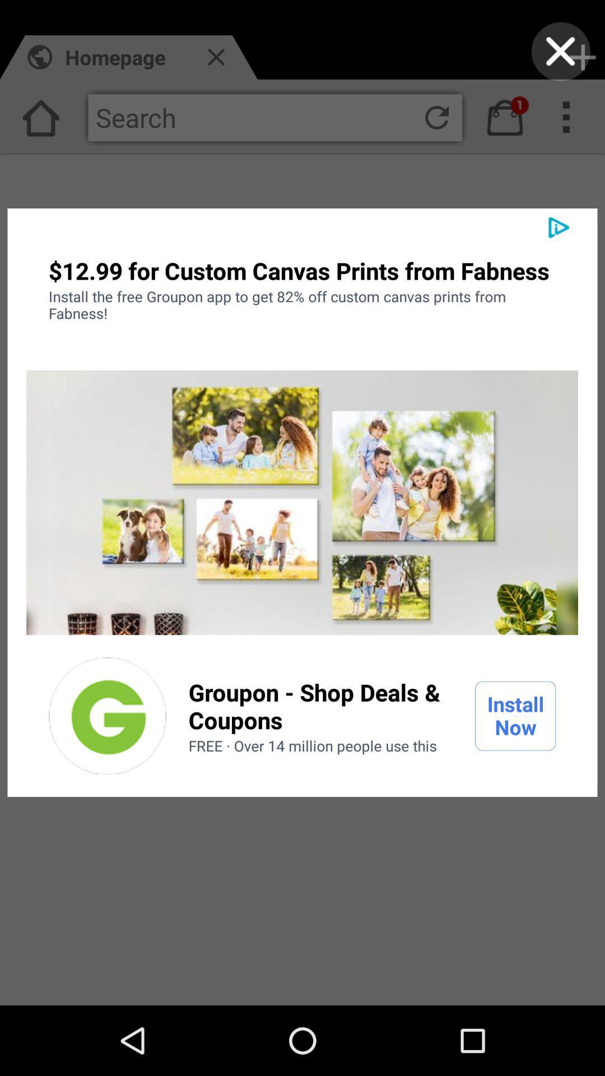 The image size is (605, 1076). I want to click on the item next to the groupon shop deals icon, so click(108, 715).